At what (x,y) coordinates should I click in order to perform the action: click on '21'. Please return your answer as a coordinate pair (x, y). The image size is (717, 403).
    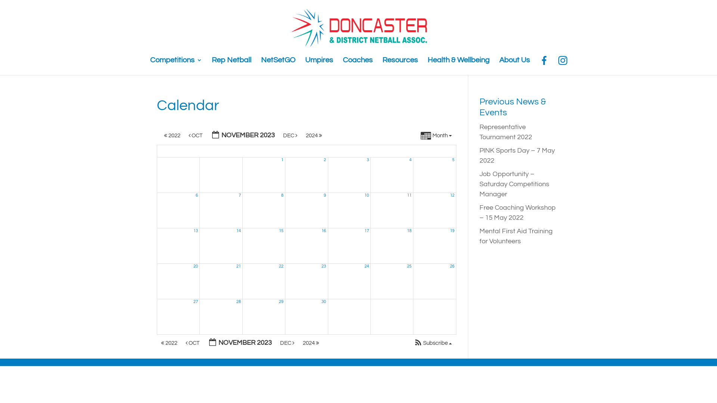
    Looking at the image, I should click on (238, 266).